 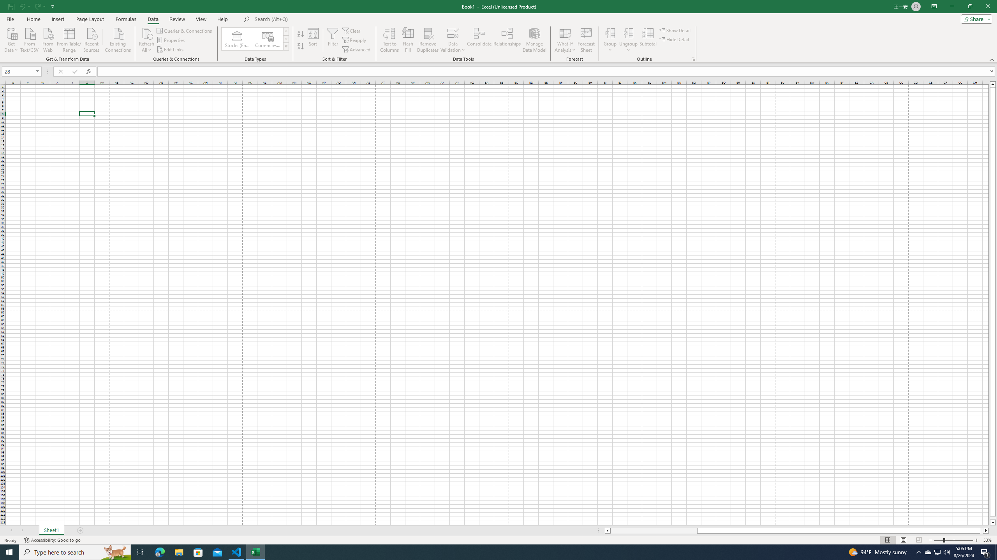 I want to click on 'Show Detail', so click(x=675, y=30).